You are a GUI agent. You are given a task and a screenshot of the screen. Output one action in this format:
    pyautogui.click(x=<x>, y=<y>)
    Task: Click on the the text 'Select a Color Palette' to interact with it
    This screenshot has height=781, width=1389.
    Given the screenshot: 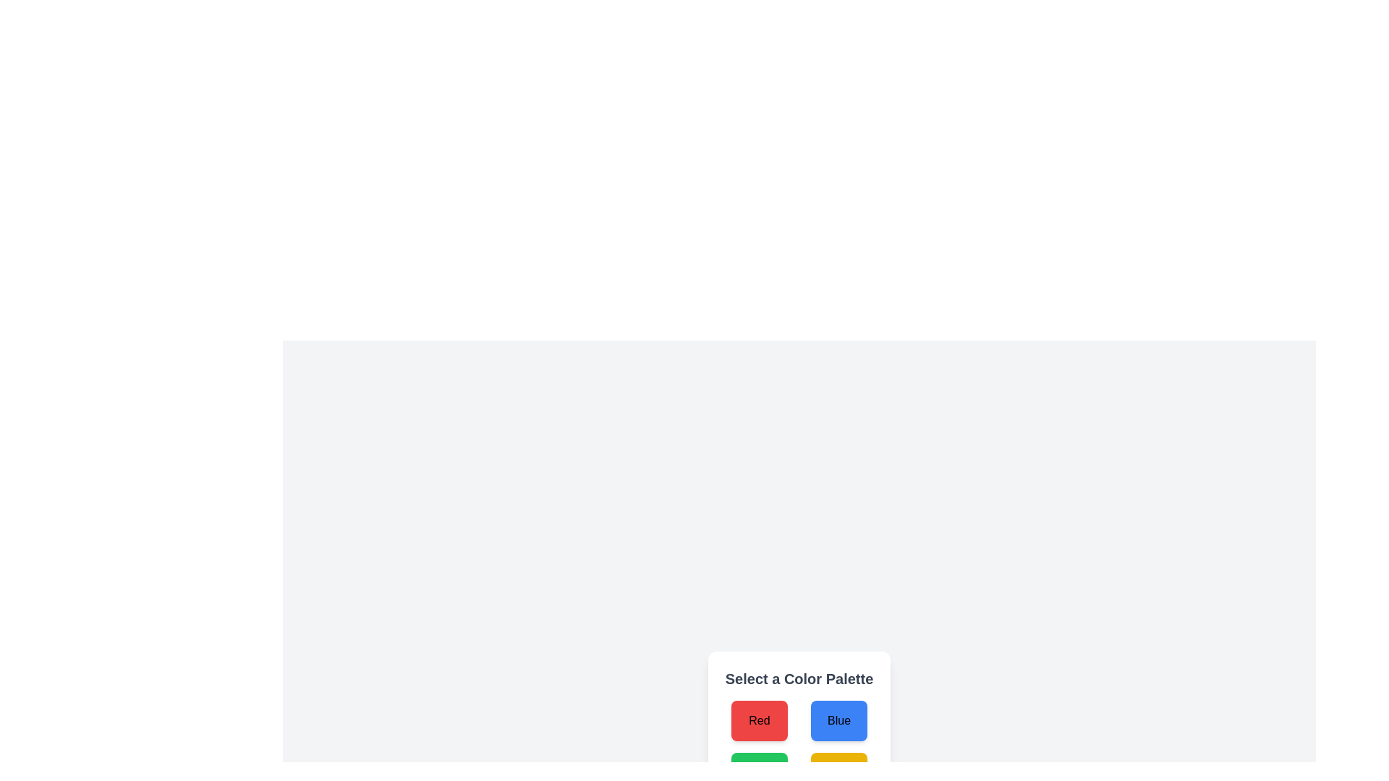 What is the action you would take?
    pyautogui.click(x=798, y=678)
    